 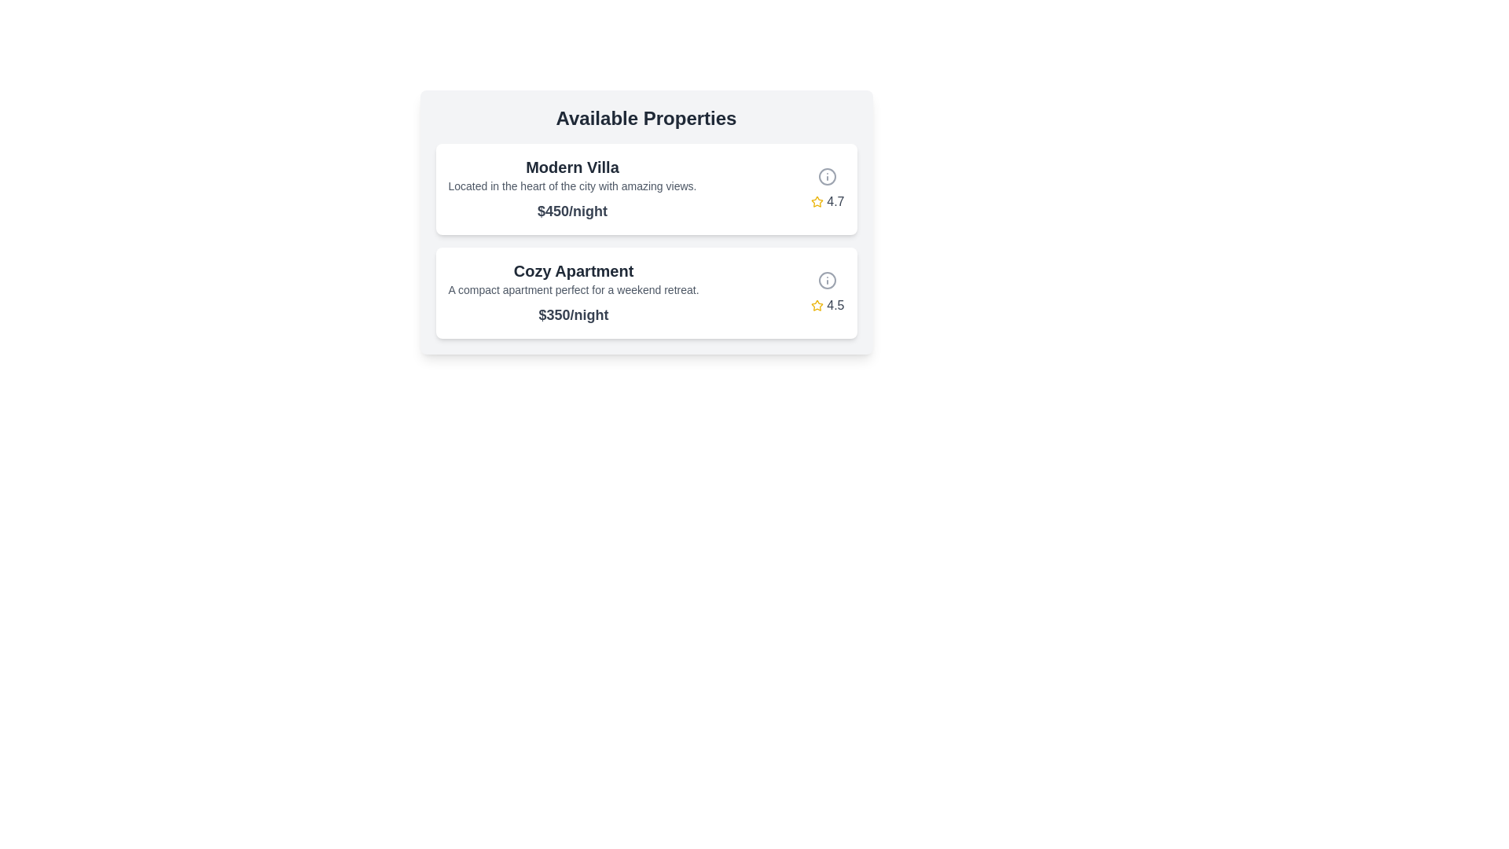 What do you see at coordinates (827, 188) in the screenshot?
I see `the rating display for the 'Modern Villa' listing located in the upper-right corner of the card, beneath the informational icon and to the right of the textual description` at bounding box center [827, 188].